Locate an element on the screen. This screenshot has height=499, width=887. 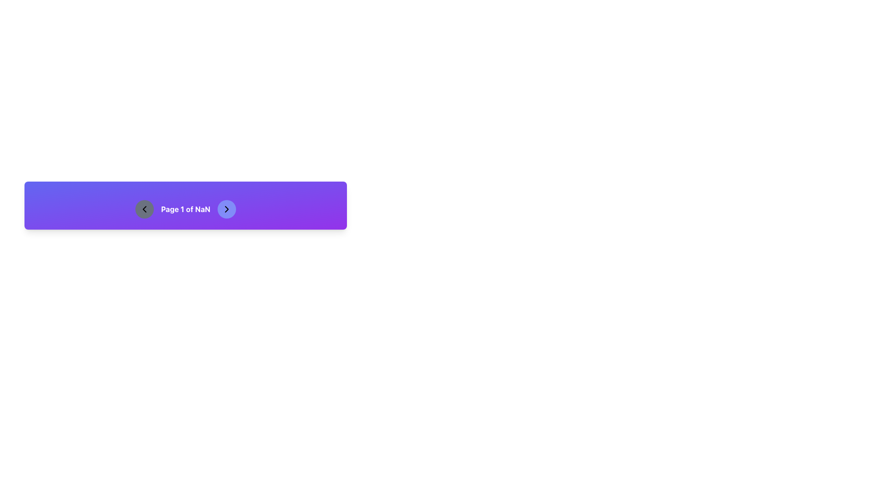
the rightward-pointing chevron icon inside the circular button with an indigo background is located at coordinates (227, 209).